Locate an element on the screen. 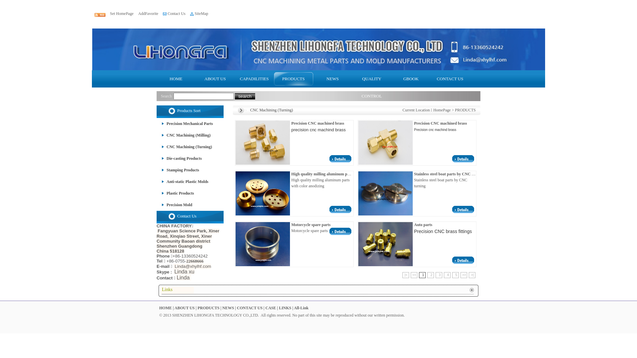 The image size is (637, 358). 'All-Link' is located at coordinates (294, 308).